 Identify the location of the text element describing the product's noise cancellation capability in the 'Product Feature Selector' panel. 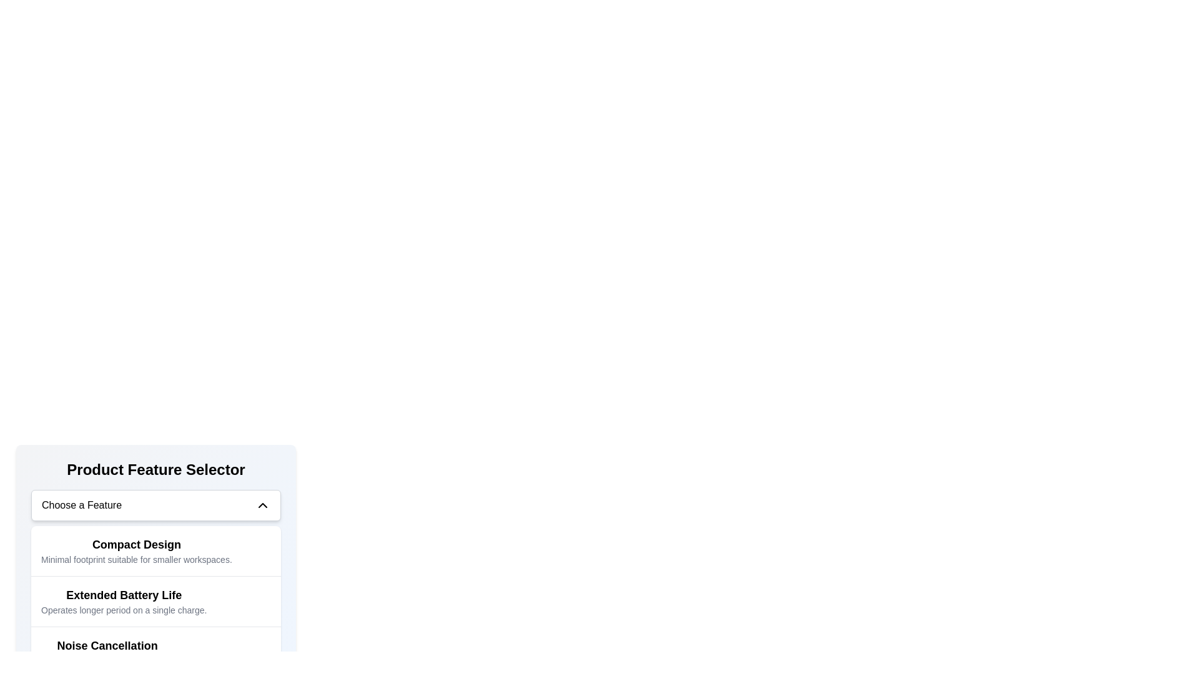
(107, 652).